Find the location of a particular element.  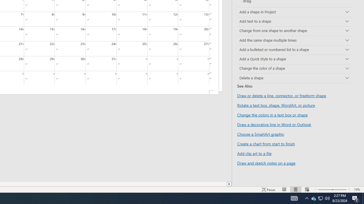

'Change the colors in a text box or shape' is located at coordinates (272, 115).